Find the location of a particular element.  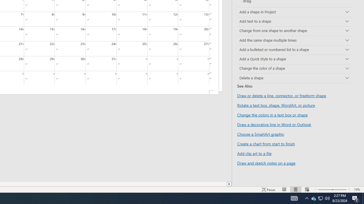

'Change the colors in a text box or shape' is located at coordinates (272, 115).